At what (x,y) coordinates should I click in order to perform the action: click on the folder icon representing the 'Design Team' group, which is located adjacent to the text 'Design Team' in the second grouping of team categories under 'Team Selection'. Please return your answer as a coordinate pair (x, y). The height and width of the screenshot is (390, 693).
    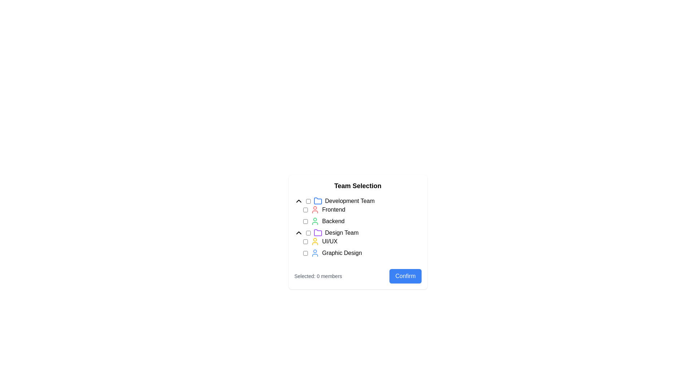
    Looking at the image, I should click on (318, 233).